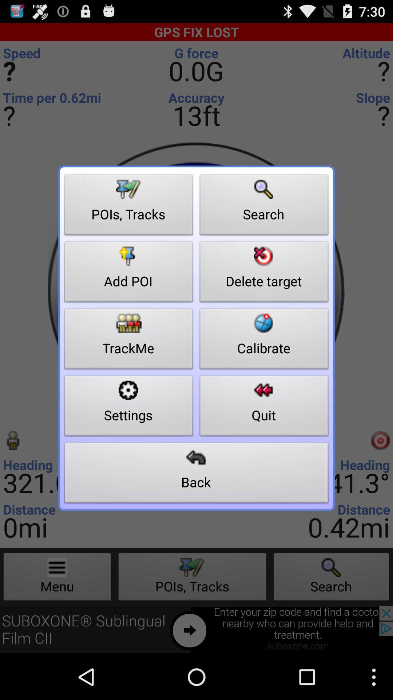  I want to click on the button to the left of the calibrate item, so click(128, 407).